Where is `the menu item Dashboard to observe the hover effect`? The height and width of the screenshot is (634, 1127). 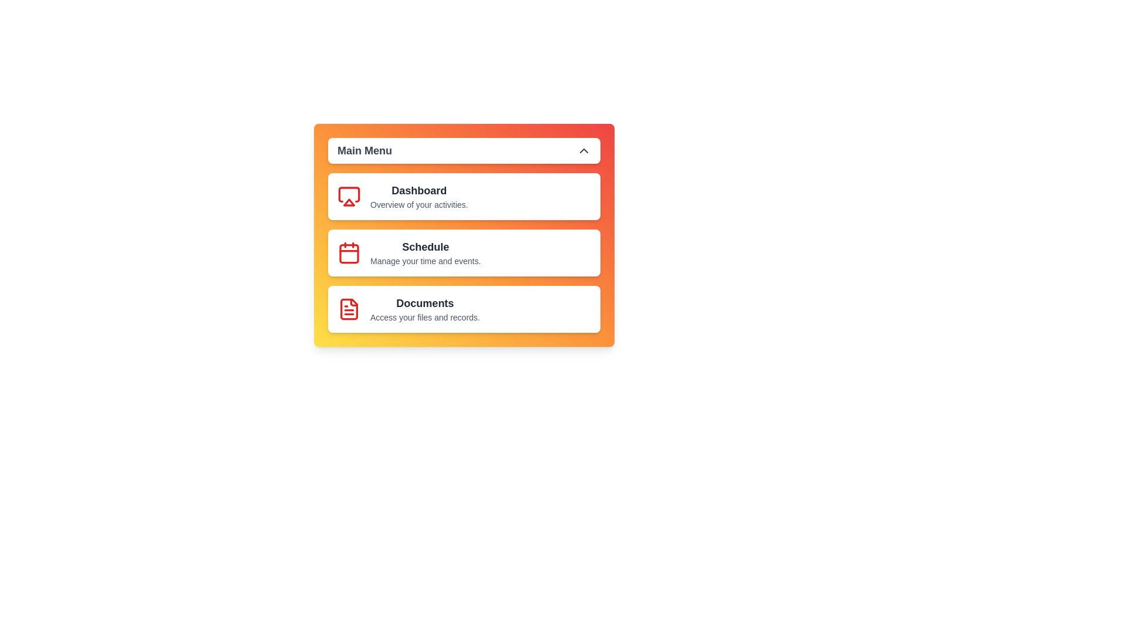 the menu item Dashboard to observe the hover effect is located at coordinates (464, 196).